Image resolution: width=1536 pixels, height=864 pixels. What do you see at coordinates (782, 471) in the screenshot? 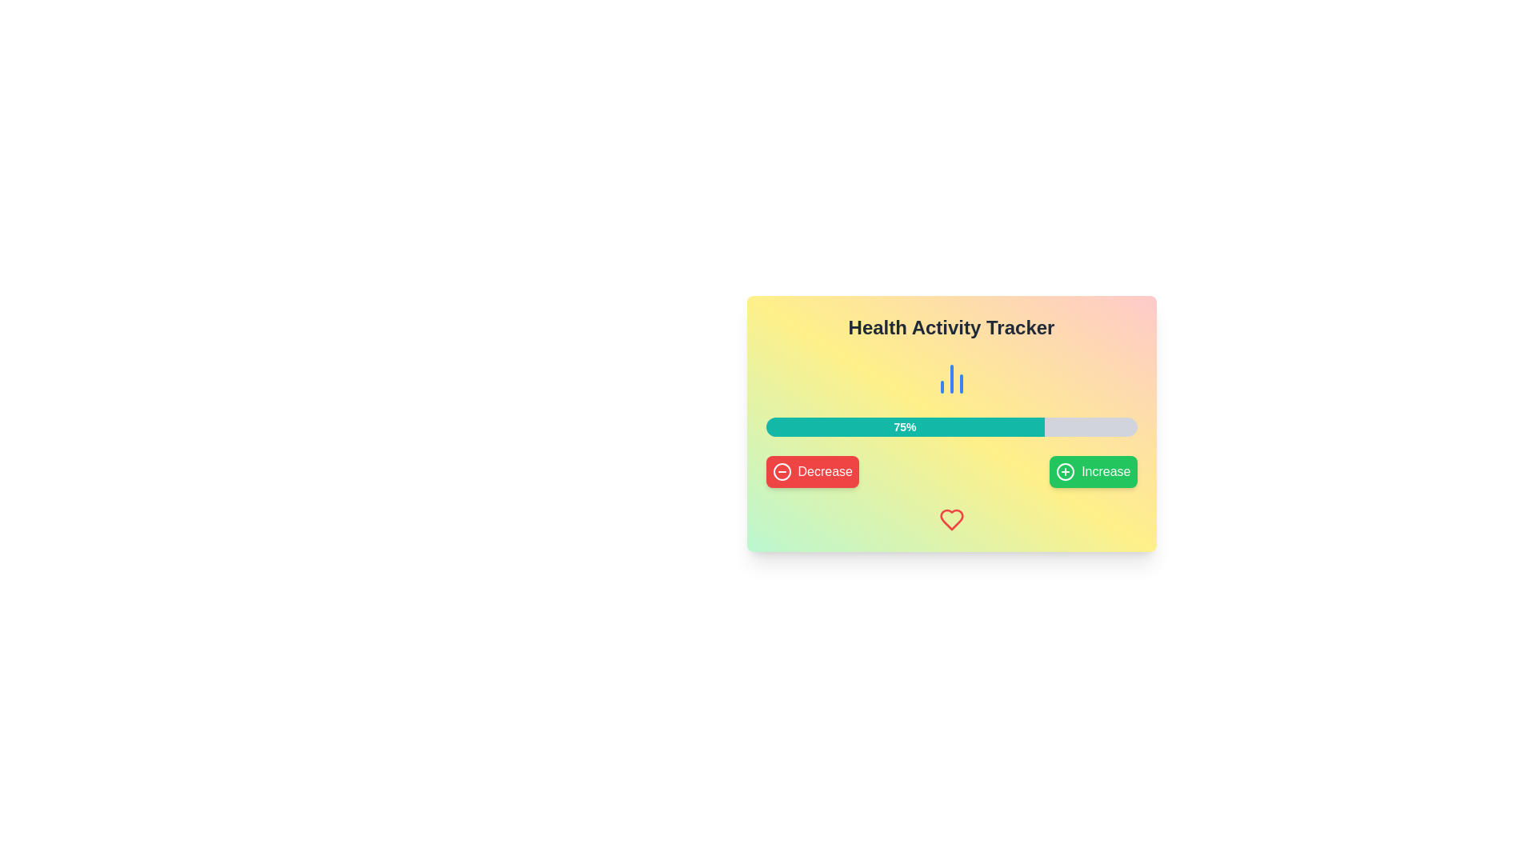
I see `the minus icon located inside the 'Decrease' button, which is positioned to the left of the text 'Decrease' below the progress bar` at bounding box center [782, 471].